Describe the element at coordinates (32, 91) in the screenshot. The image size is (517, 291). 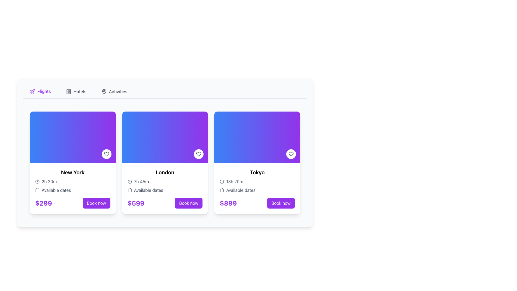
I see `the airplane icon located in the 'Flights' tab, which is styled in purple and positioned towards the top left of the interface` at that location.